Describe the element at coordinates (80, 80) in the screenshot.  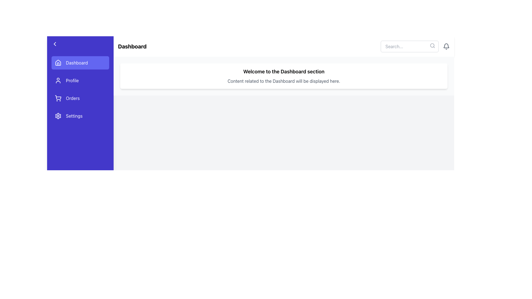
I see `the 'Profile' button with a purple background, located below the 'Dashboard' and above the 'Orders' in the vertical navigation menu to activate its hover state` at that location.